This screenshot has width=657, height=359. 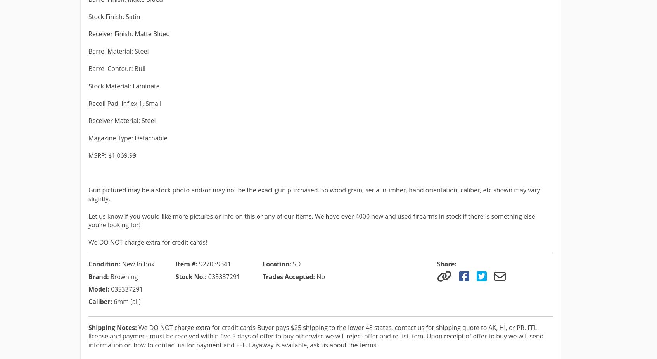 What do you see at coordinates (124, 85) in the screenshot?
I see `'Stock Material: Laminate'` at bounding box center [124, 85].